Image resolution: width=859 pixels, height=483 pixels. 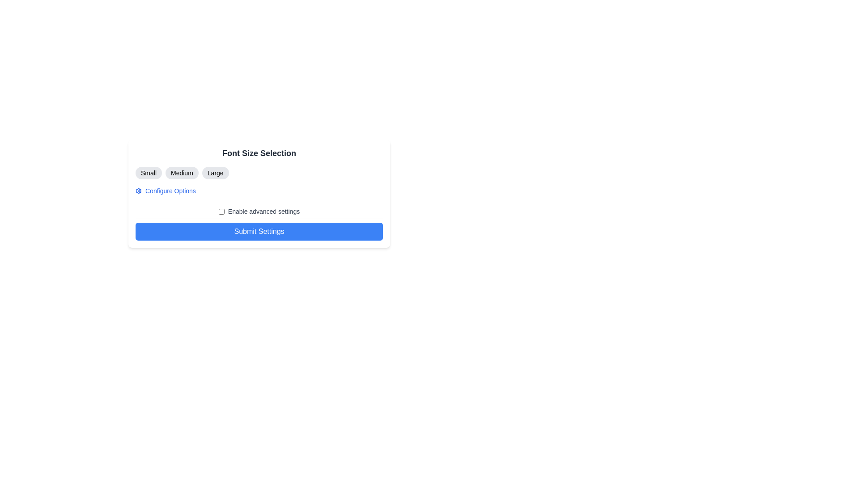 What do you see at coordinates (259, 231) in the screenshot?
I see `the 'Submit Settings' button with a blue background and white text located at the bottom of the 'Font Size Selection' section` at bounding box center [259, 231].